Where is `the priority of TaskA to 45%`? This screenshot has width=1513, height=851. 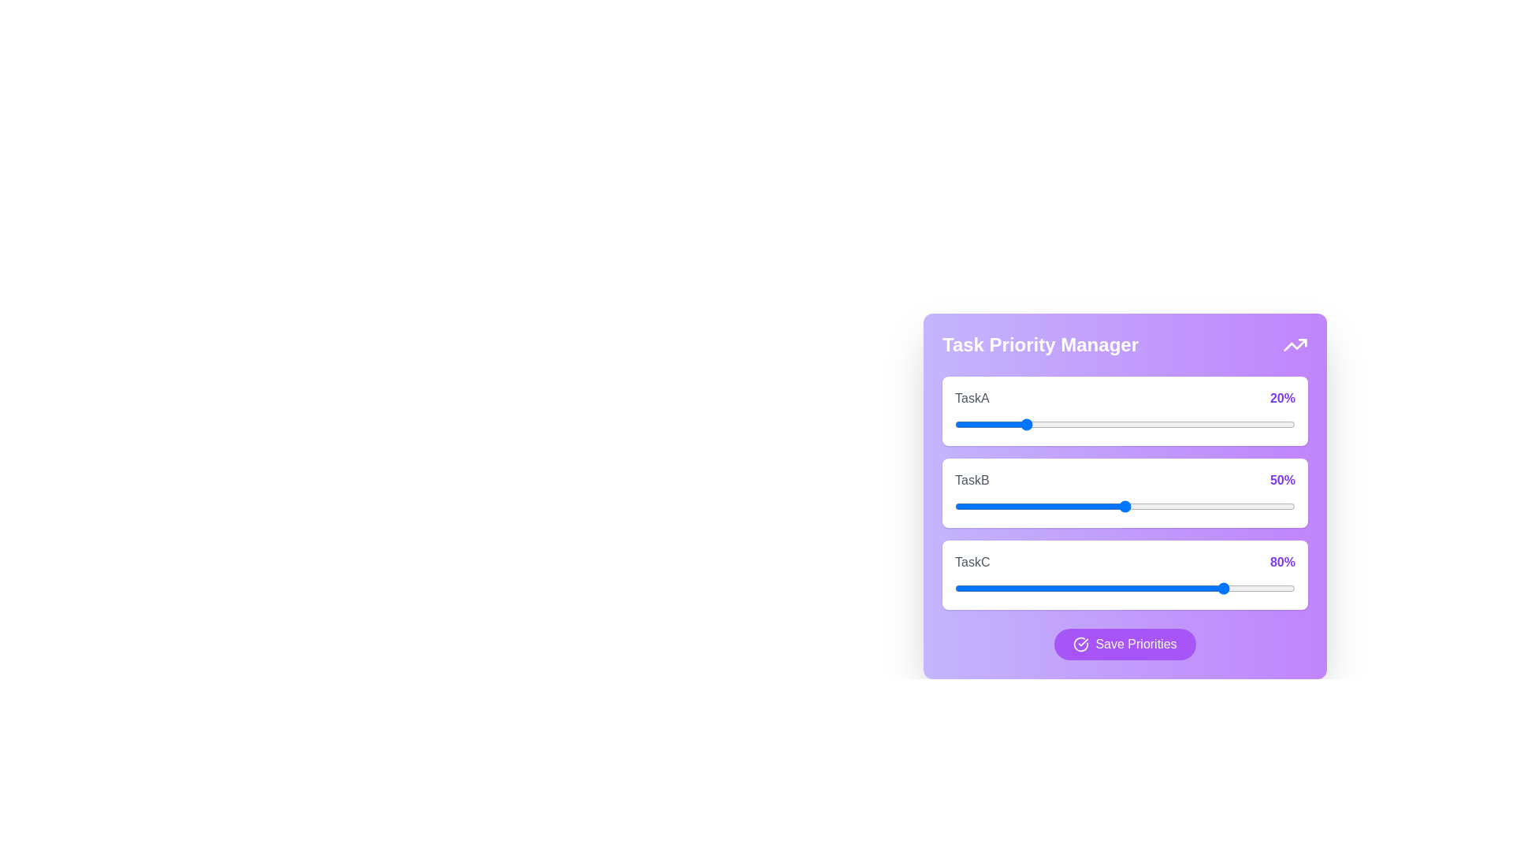
the priority of TaskA to 45% is located at coordinates (1107, 424).